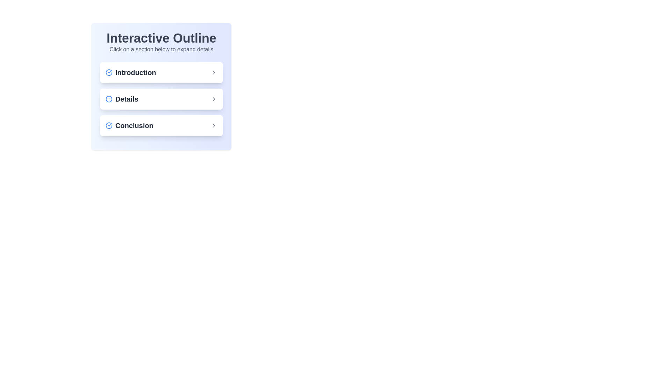 This screenshot has width=671, height=377. What do you see at coordinates (109, 73) in the screenshot?
I see `the visual state of the circular blue check icon located to the left of the 'Introduction' label in the interactive outline` at bounding box center [109, 73].